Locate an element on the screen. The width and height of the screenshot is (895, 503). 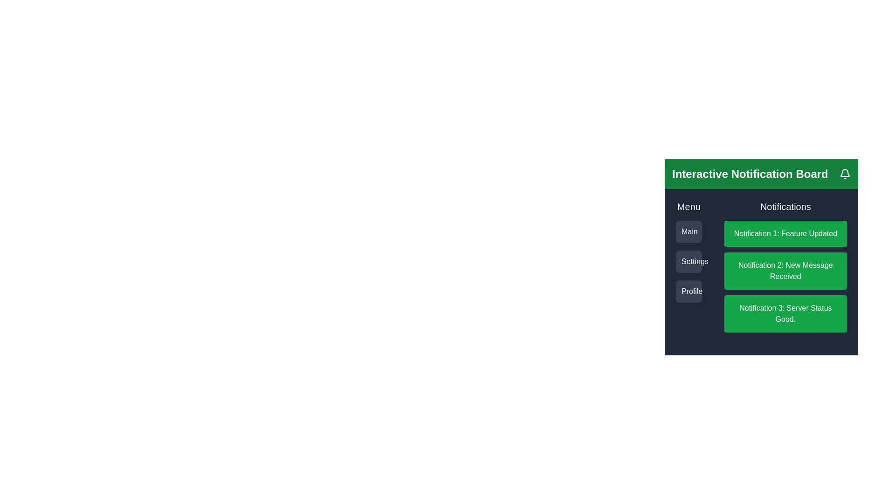
text label 'Interactive Notification Board' located in the upper-central part of the green header is located at coordinates (750, 174).